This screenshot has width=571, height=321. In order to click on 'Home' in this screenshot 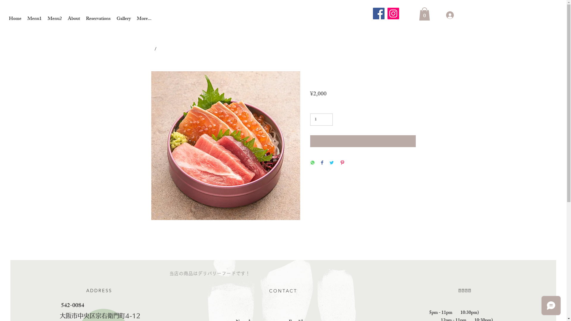, I will do `click(6, 19)`.